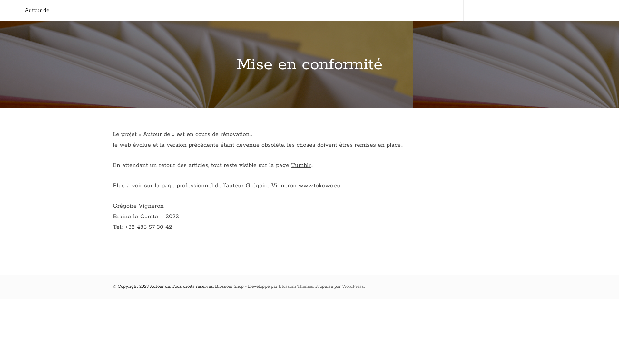 The height and width of the screenshot is (348, 619). Describe the element at coordinates (150, 286) in the screenshot. I see `'Autour de'` at that location.